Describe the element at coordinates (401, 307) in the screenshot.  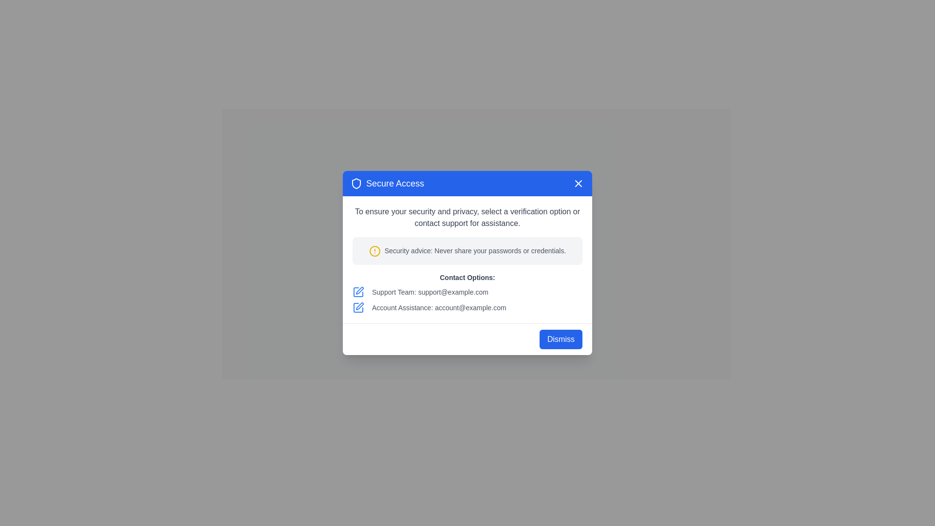
I see `the text label 'Account Assistance' which introduces the associated contact email address in the dialog box` at that location.